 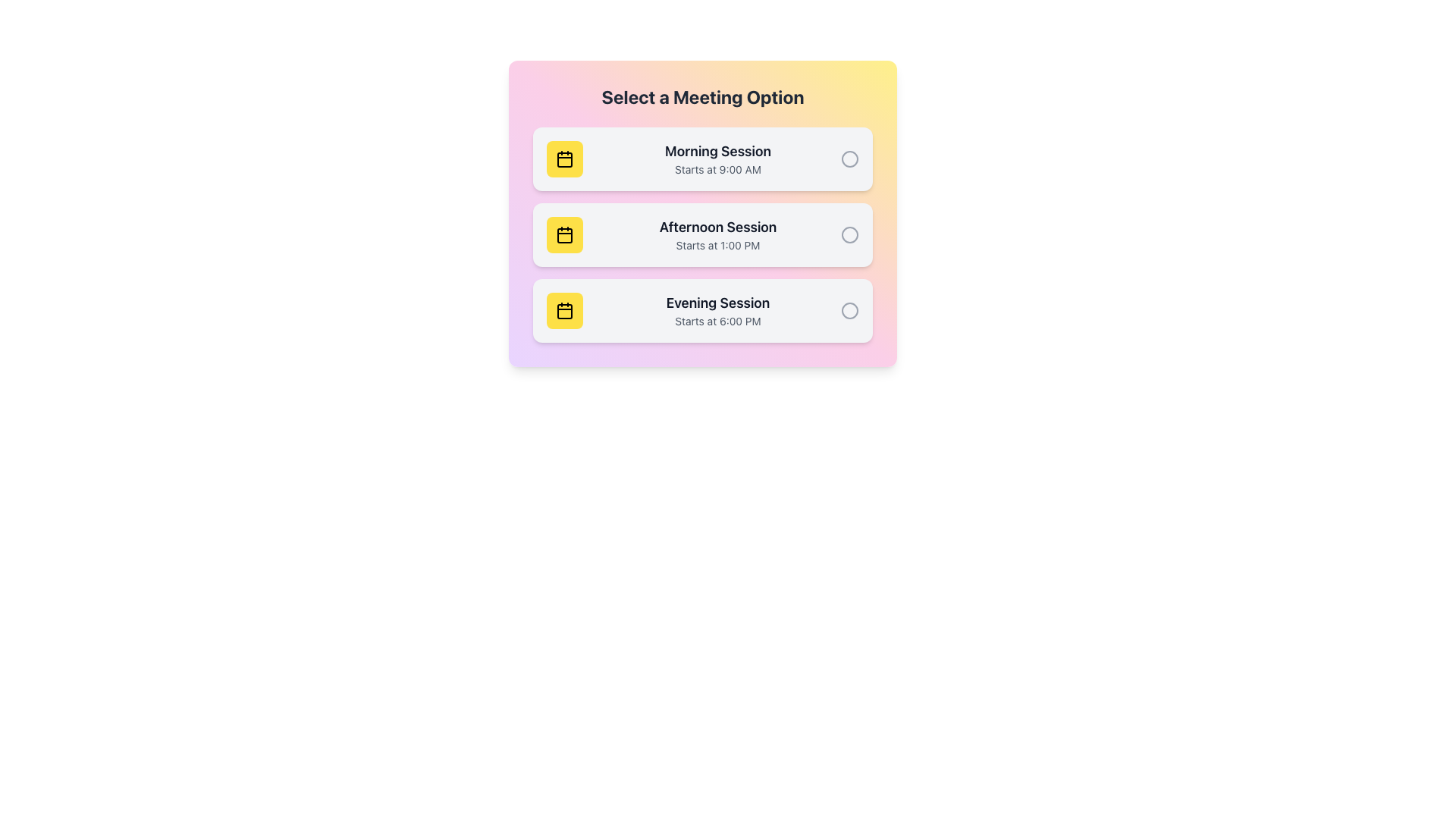 I want to click on the decorative calendar icon representing the 'Morning Session' option, which is the first among three calendar icons located to the left of the 'Morning Session' label, so click(x=563, y=160).